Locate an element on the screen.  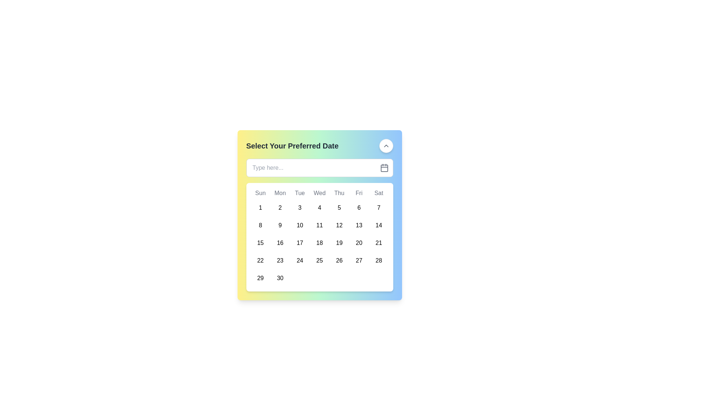
the calendar icon button located on the far right side of the text input field is located at coordinates (384, 168).